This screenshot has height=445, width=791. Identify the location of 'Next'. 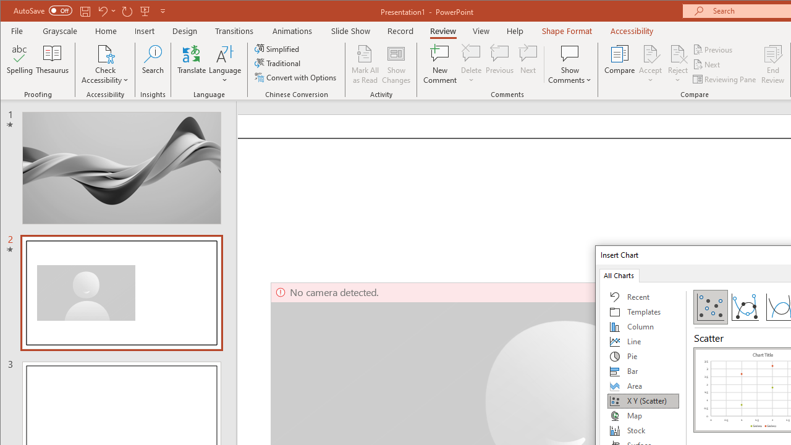
(707, 64).